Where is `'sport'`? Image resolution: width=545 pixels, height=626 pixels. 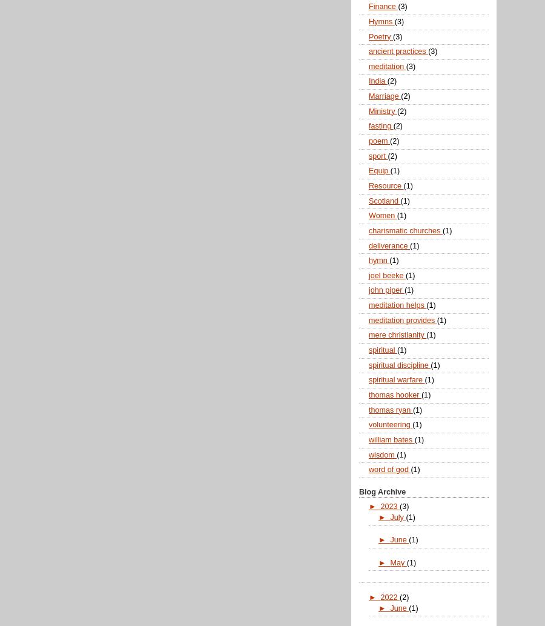 'sport' is located at coordinates (378, 155).